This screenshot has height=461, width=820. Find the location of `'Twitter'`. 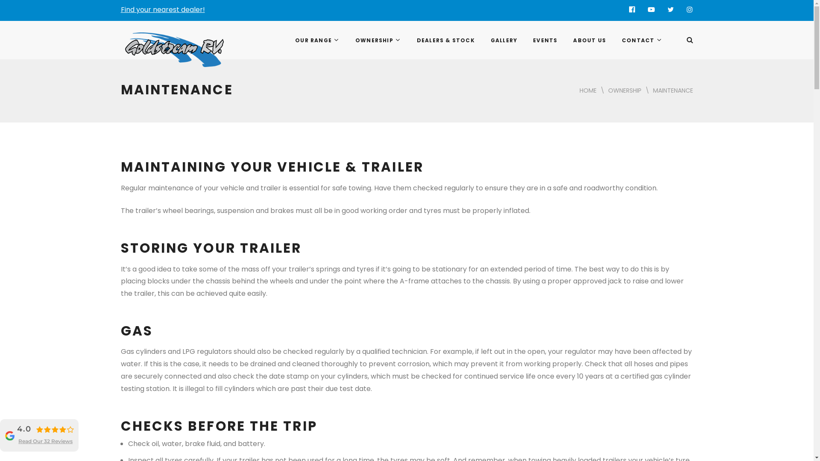

'Twitter' is located at coordinates (661, 9).